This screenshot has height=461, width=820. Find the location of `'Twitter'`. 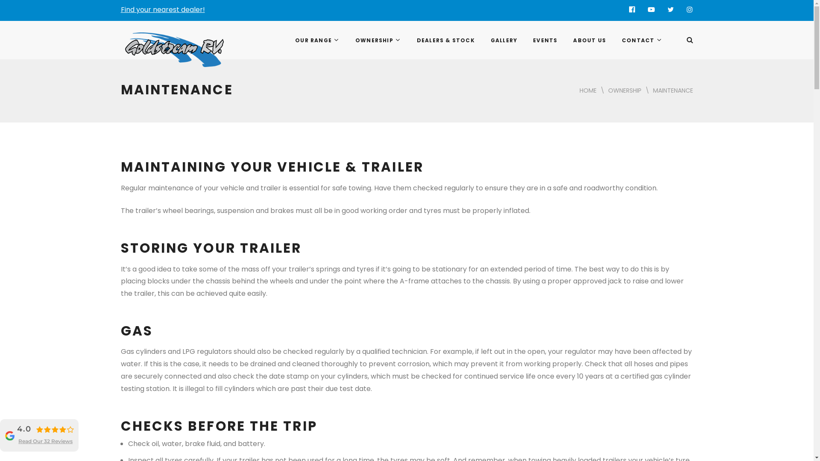

'Twitter' is located at coordinates (661, 9).